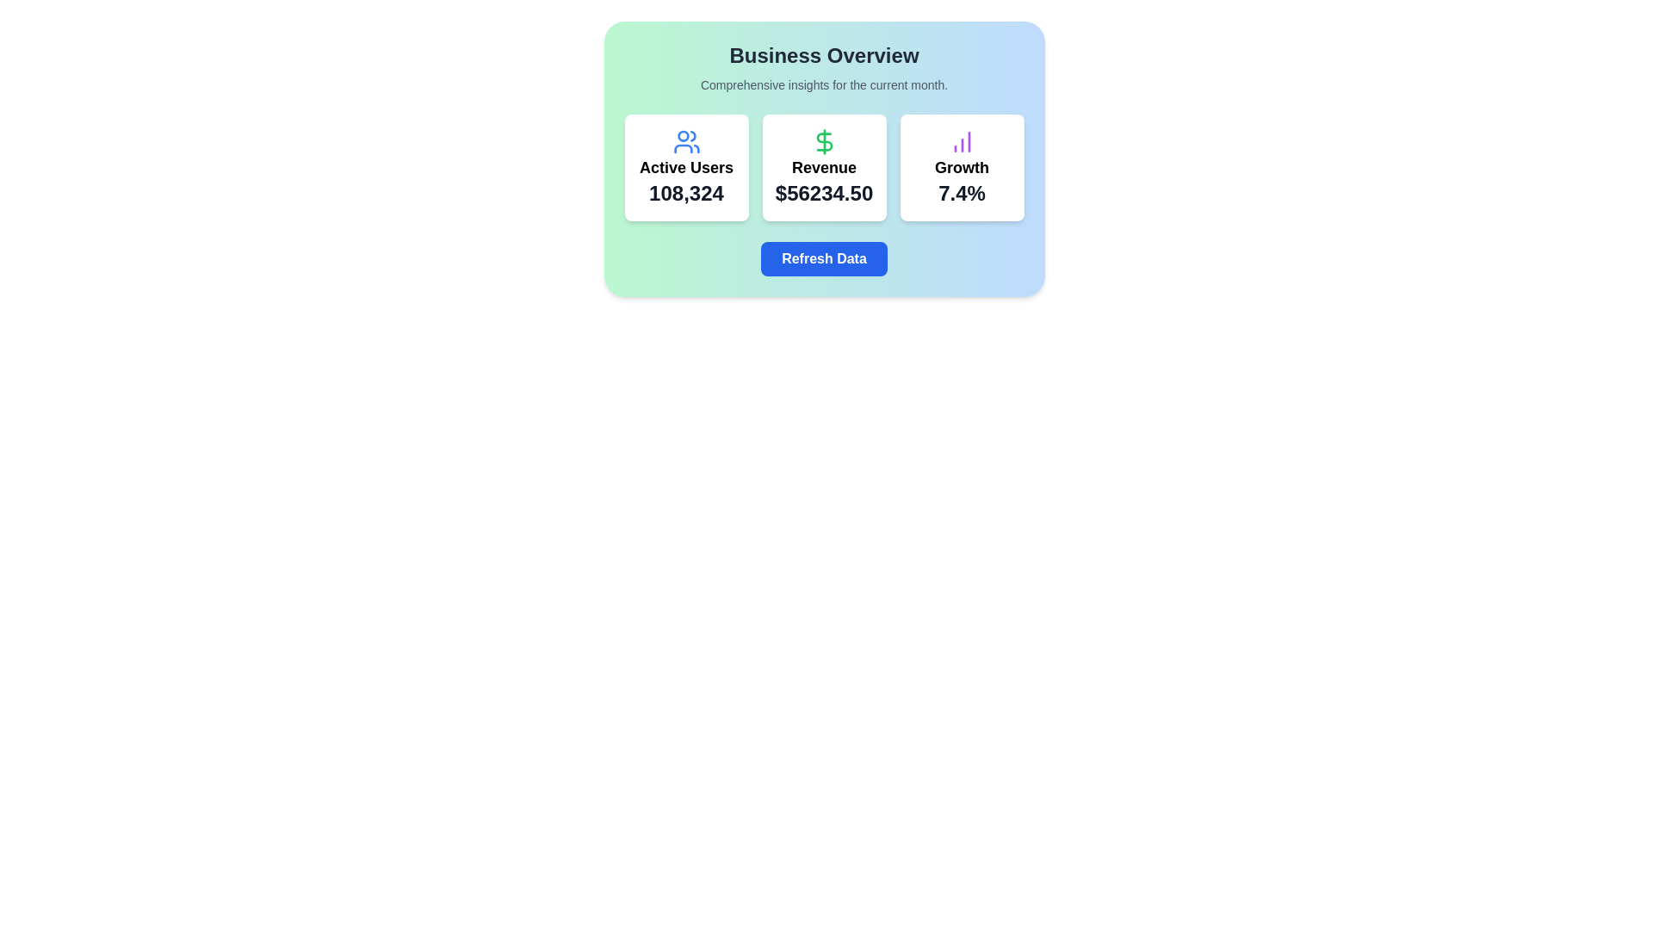 The width and height of the screenshot is (1653, 930). What do you see at coordinates (823, 66) in the screenshot?
I see `the static text element that serves as the title and subtitle for the panel, located at the top of the rounded rectangular panel with a green-to-blue gradient background` at bounding box center [823, 66].